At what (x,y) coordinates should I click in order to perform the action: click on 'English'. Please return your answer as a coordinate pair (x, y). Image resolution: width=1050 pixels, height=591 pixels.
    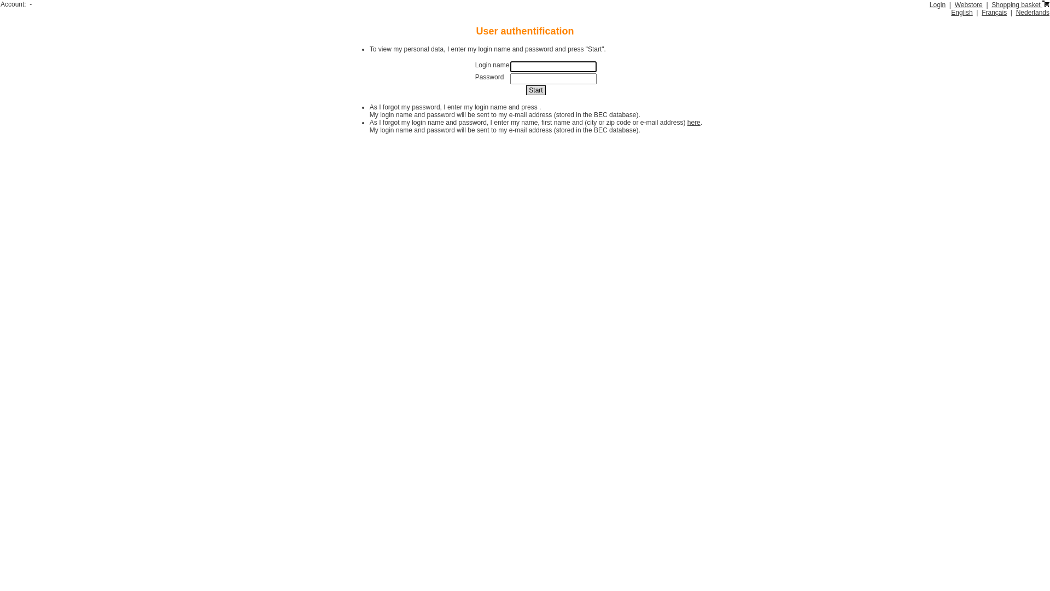
    Looking at the image, I should click on (961, 13).